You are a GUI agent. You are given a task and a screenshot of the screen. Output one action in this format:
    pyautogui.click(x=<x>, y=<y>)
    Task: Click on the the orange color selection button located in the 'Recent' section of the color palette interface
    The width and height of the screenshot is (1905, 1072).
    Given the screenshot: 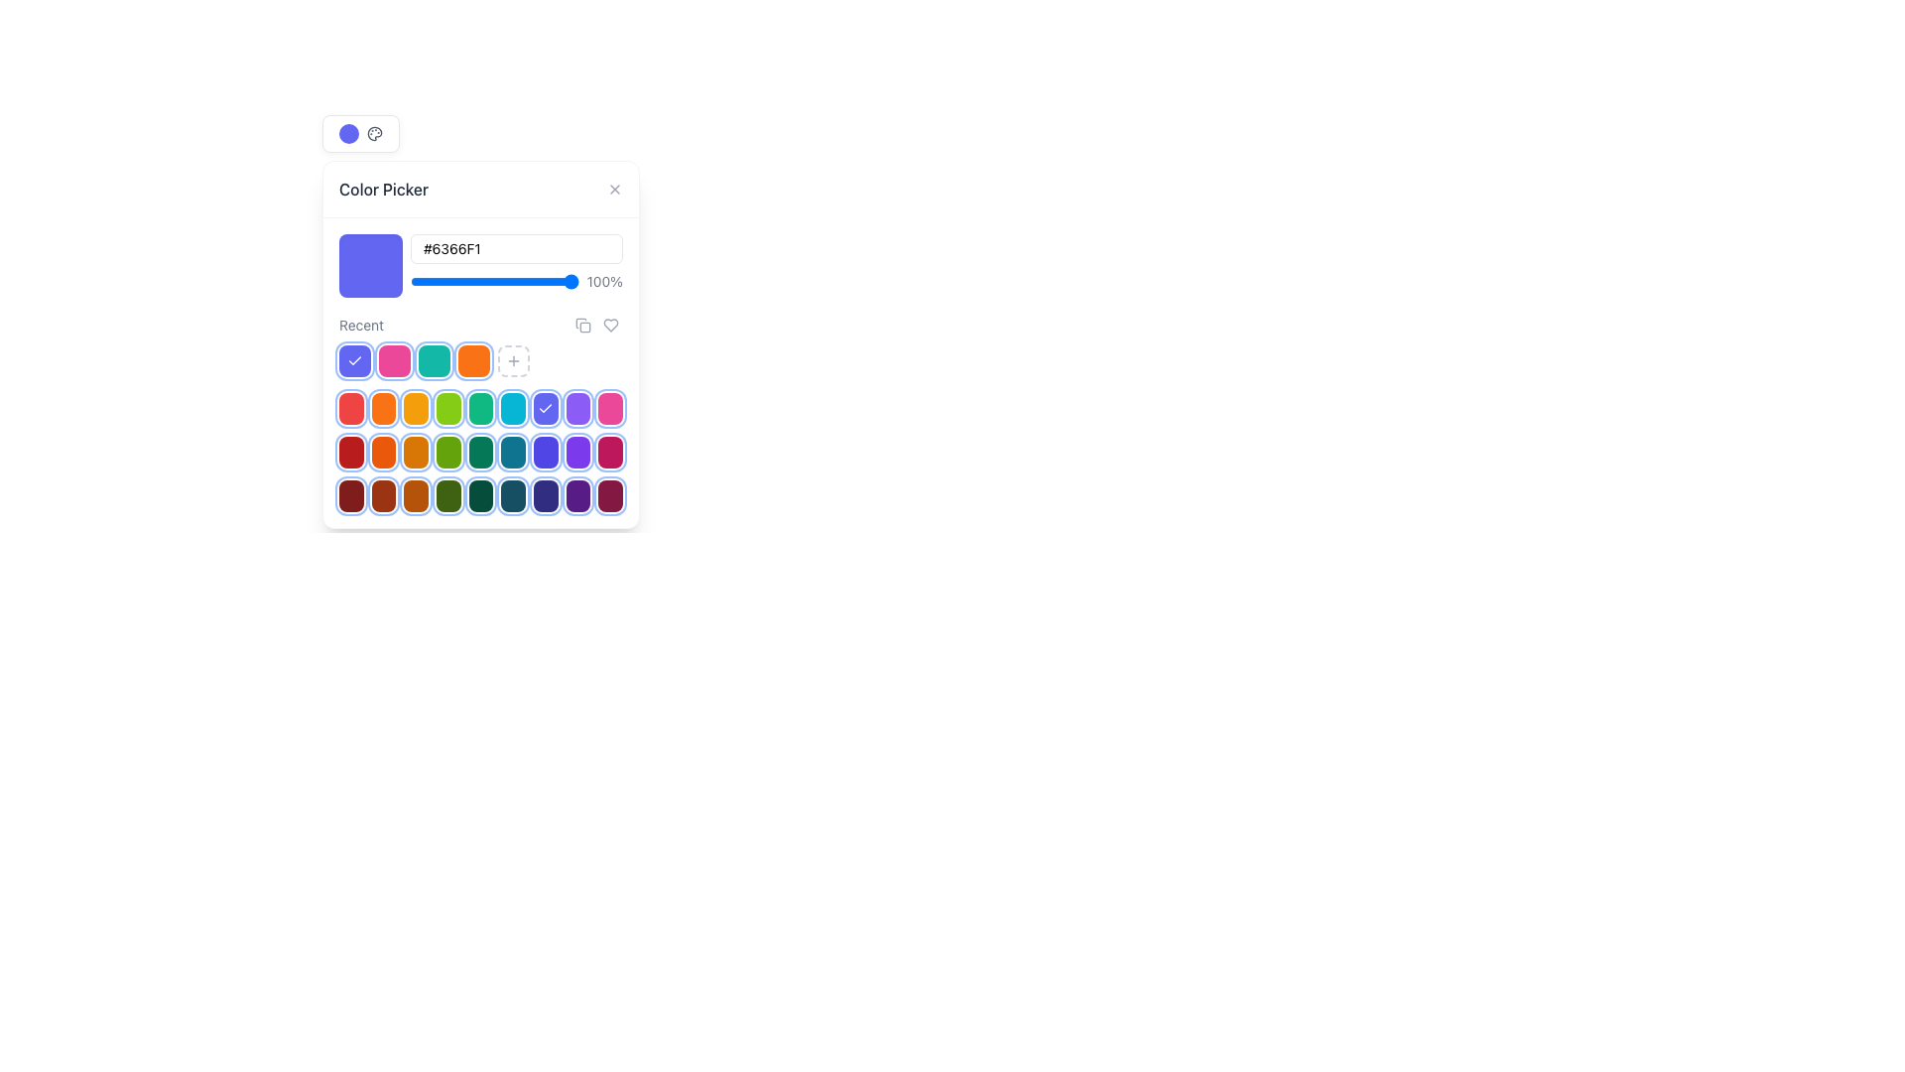 What is the action you would take?
    pyautogui.click(x=384, y=408)
    